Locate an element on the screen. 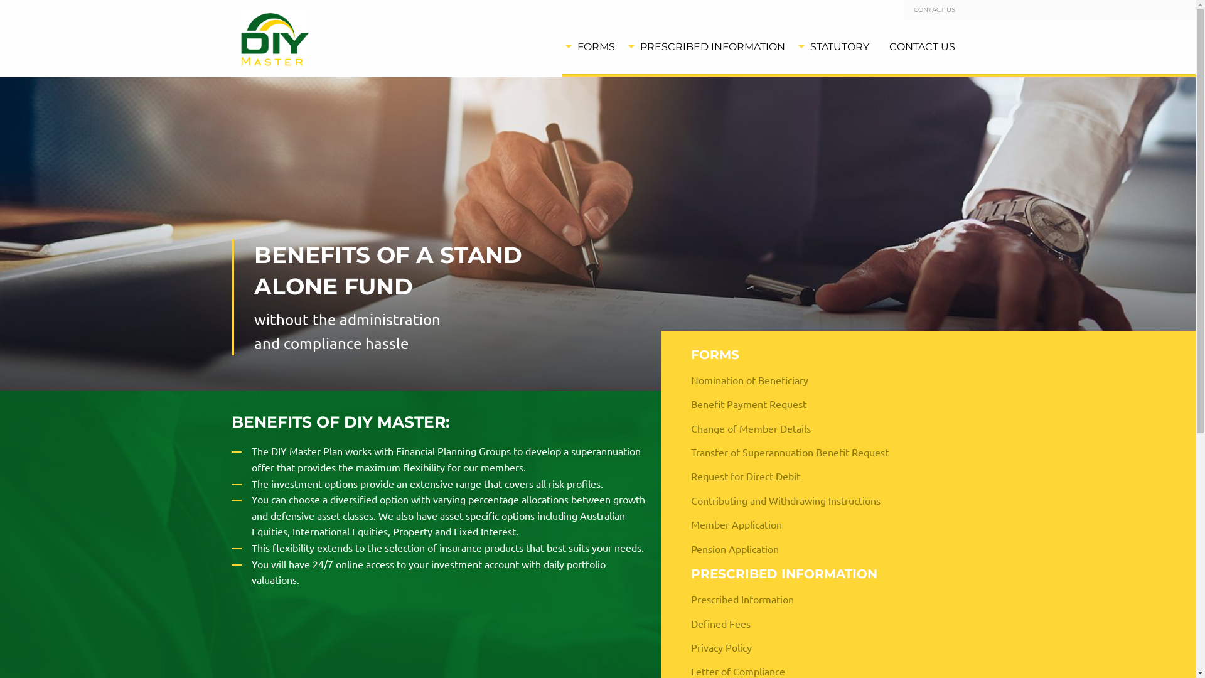 The image size is (1205, 678). 'STATUTORY' is located at coordinates (794, 46).